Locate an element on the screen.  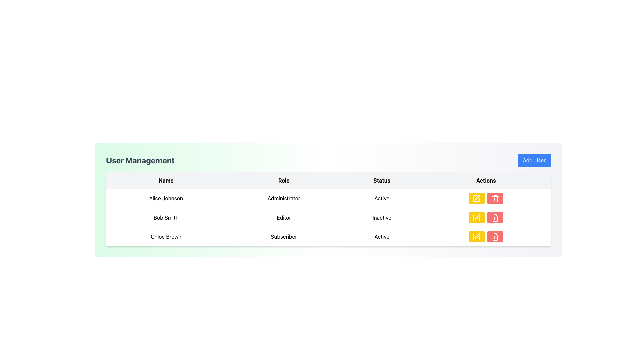
the third row in the User Management table, which contains the user name 'Chloe Brown', role 'Subscriber', and status 'Active' is located at coordinates (328, 236).